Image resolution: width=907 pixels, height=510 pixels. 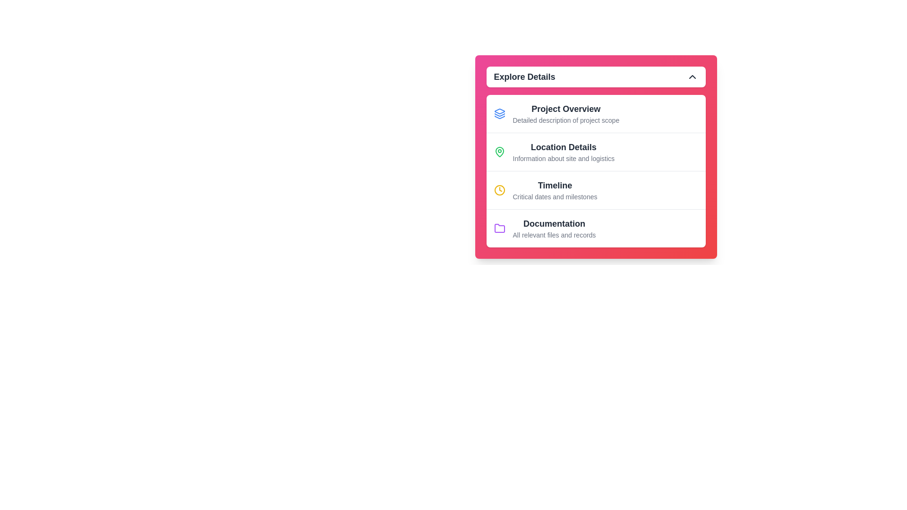 What do you see at coordinates (566, 113) in the screenshot?
I see `the clickable list item titled 'Project Overview' with subtitle 'Detailed description of project scope'` at bounding box center [566, 113].